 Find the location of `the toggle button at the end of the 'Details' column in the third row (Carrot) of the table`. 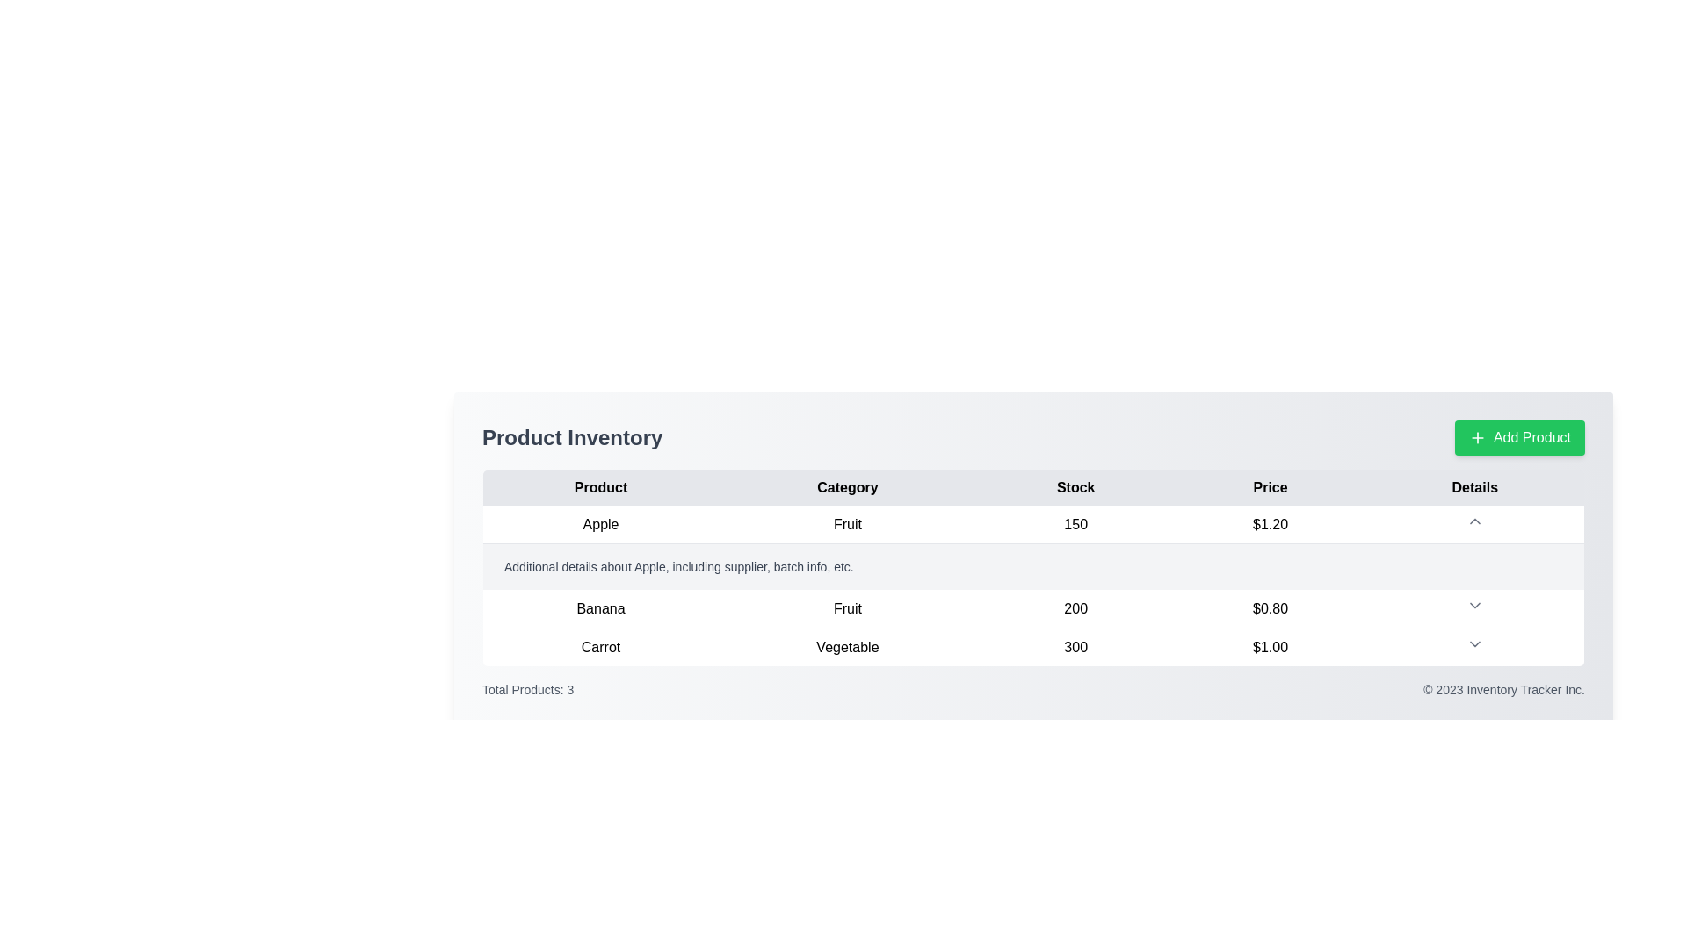

the toggle button at the end of the 'Details' column in the third row (Carrot) of the table is located at coordinates (1474, 643).